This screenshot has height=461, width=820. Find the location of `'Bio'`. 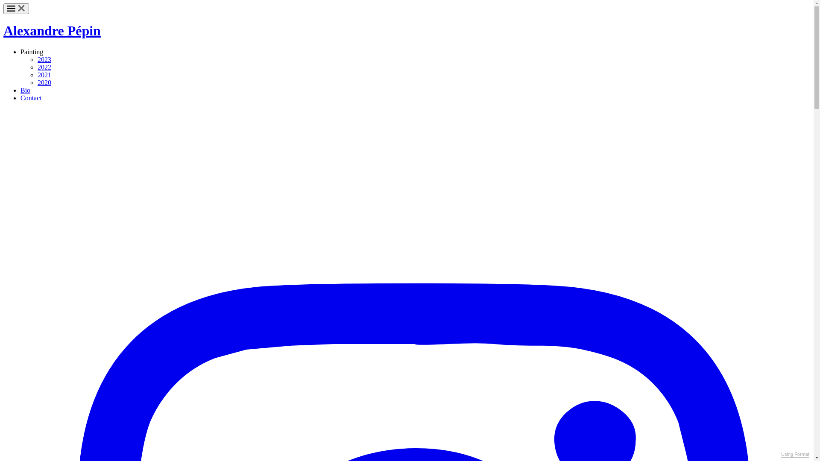

'Bio' is located at coordinates (25, 90).